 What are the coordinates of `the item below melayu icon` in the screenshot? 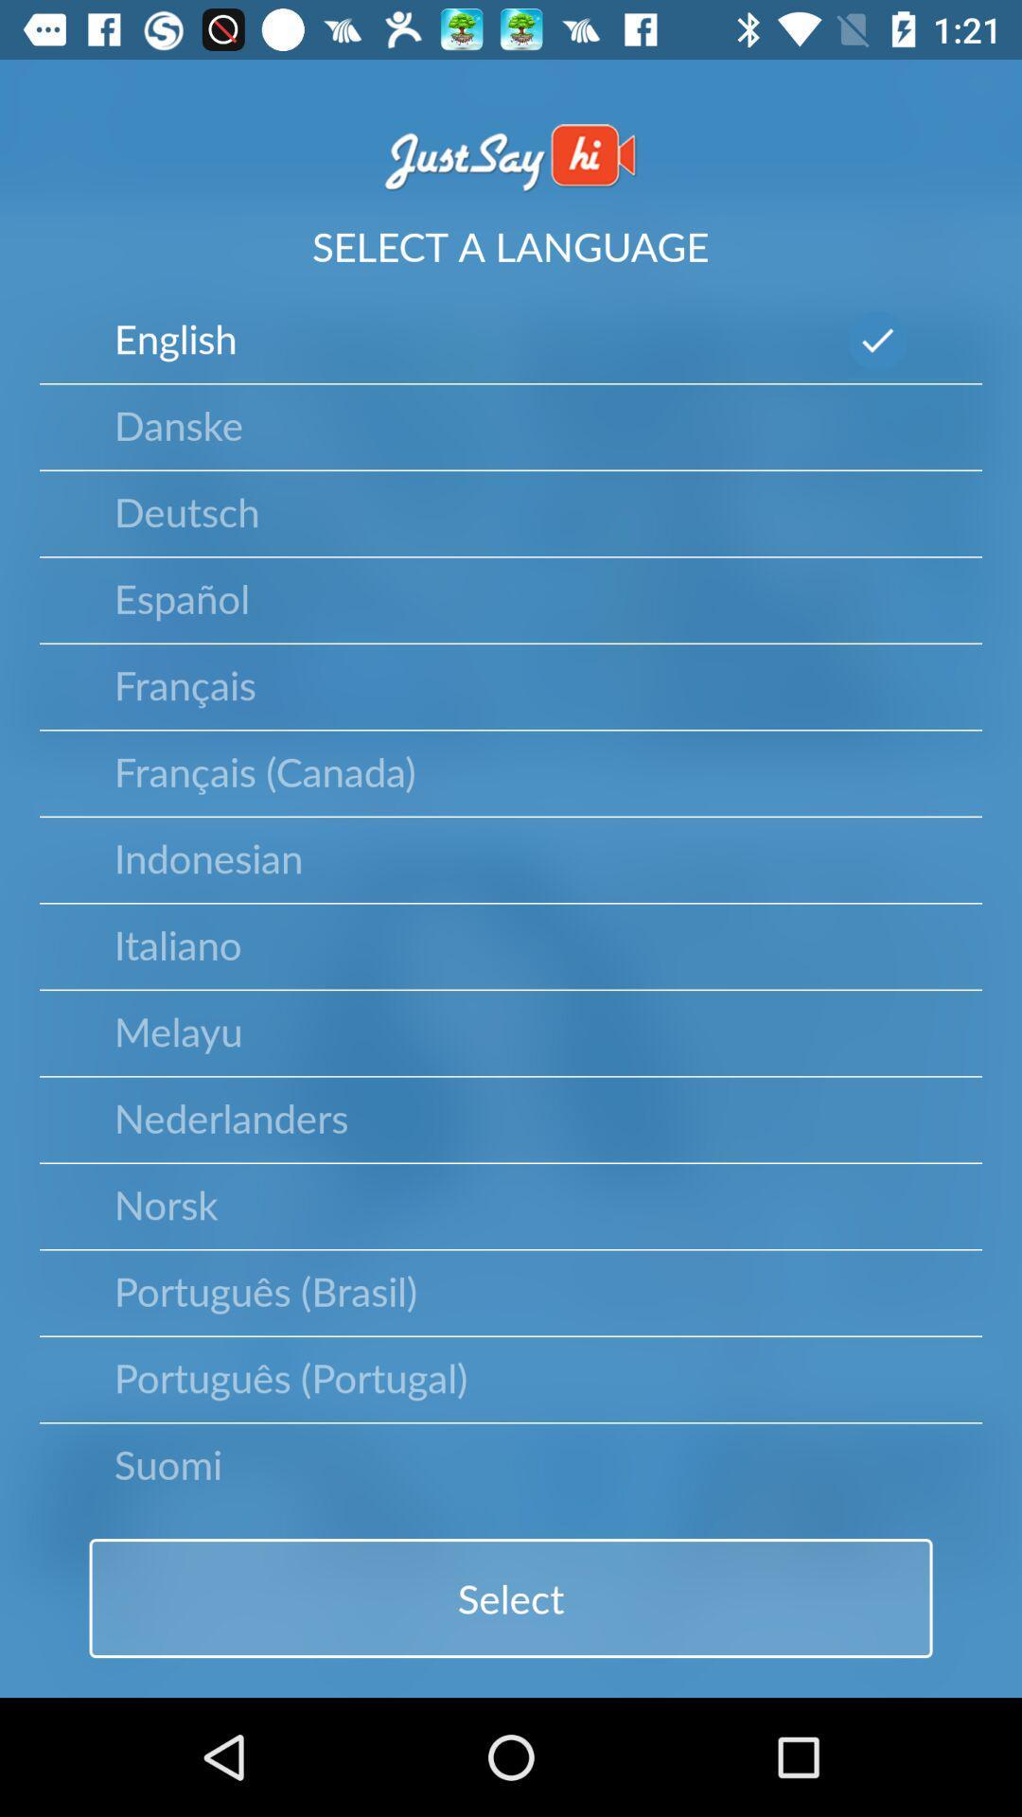 It's located at (230, 1117).